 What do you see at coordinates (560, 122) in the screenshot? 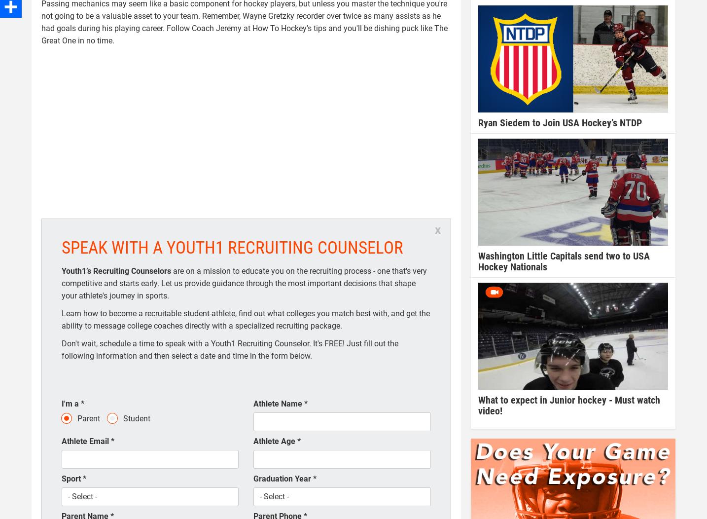
I see `'Ryan Siedem to Join USA Hockey’s NTDP'` at bounding box center [560, 122].